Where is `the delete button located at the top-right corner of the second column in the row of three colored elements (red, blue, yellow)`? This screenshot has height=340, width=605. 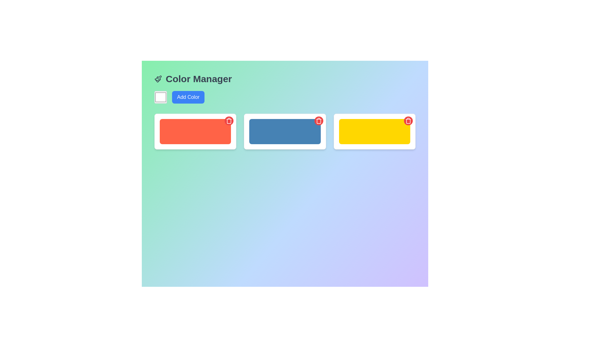 the delete button located at the top-right corner of the second column in the row of three colored elements (red, blue, yellow) is located at coordinates (319, 121).